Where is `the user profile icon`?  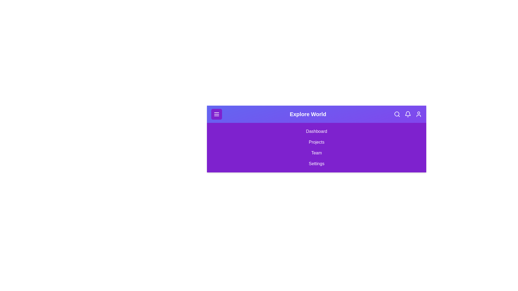 the user profile icon is located at coordinates (418, 114).